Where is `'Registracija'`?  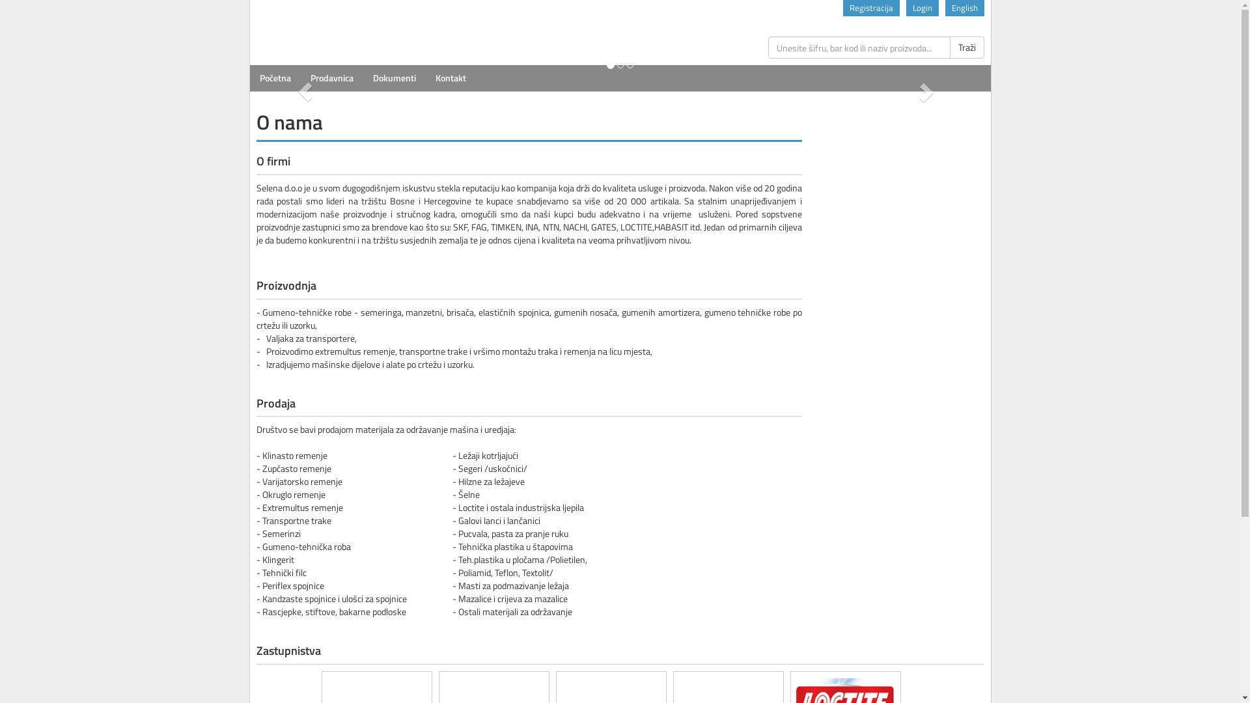
'Registracija' is located at coordinates (870, 8).